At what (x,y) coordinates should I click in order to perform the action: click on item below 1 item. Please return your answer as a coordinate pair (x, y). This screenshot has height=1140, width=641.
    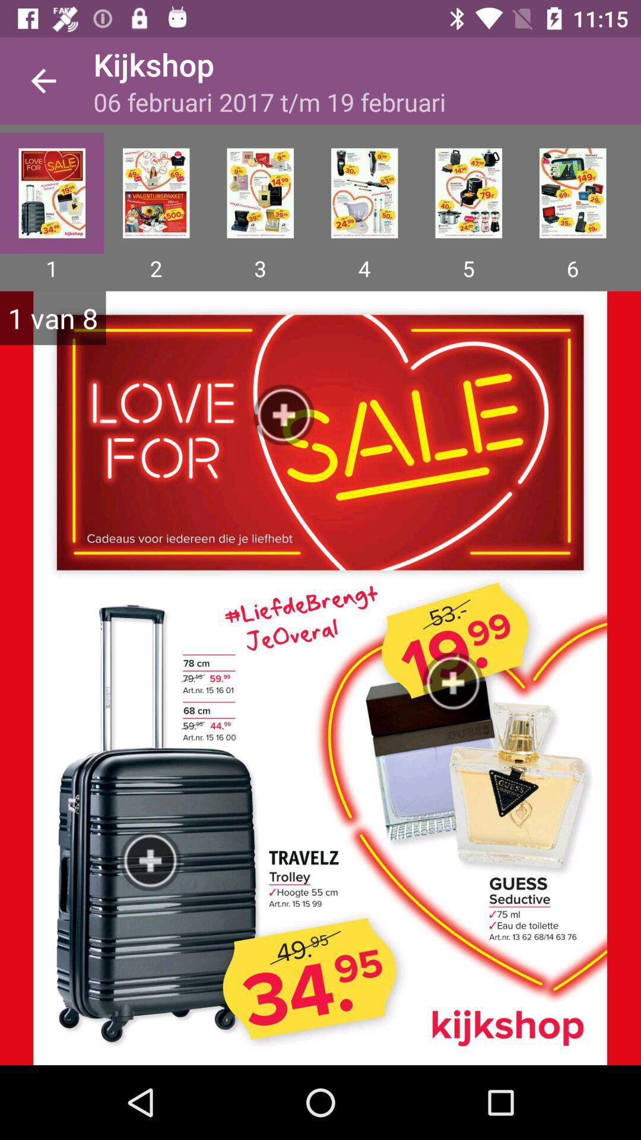
    Looking at the image, I should click on (320, 678).